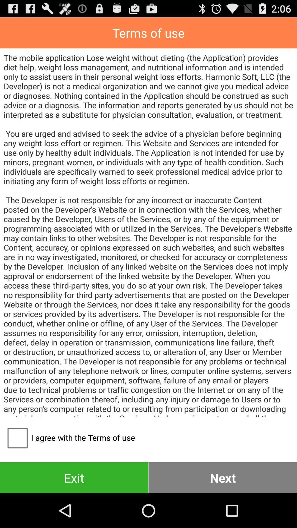 Image resolution: width=297 pixels, height=528 pixels. Describe the element at coordinates (69, 437) in the screenshot. I see `the icon below the the mobile application` at that location.